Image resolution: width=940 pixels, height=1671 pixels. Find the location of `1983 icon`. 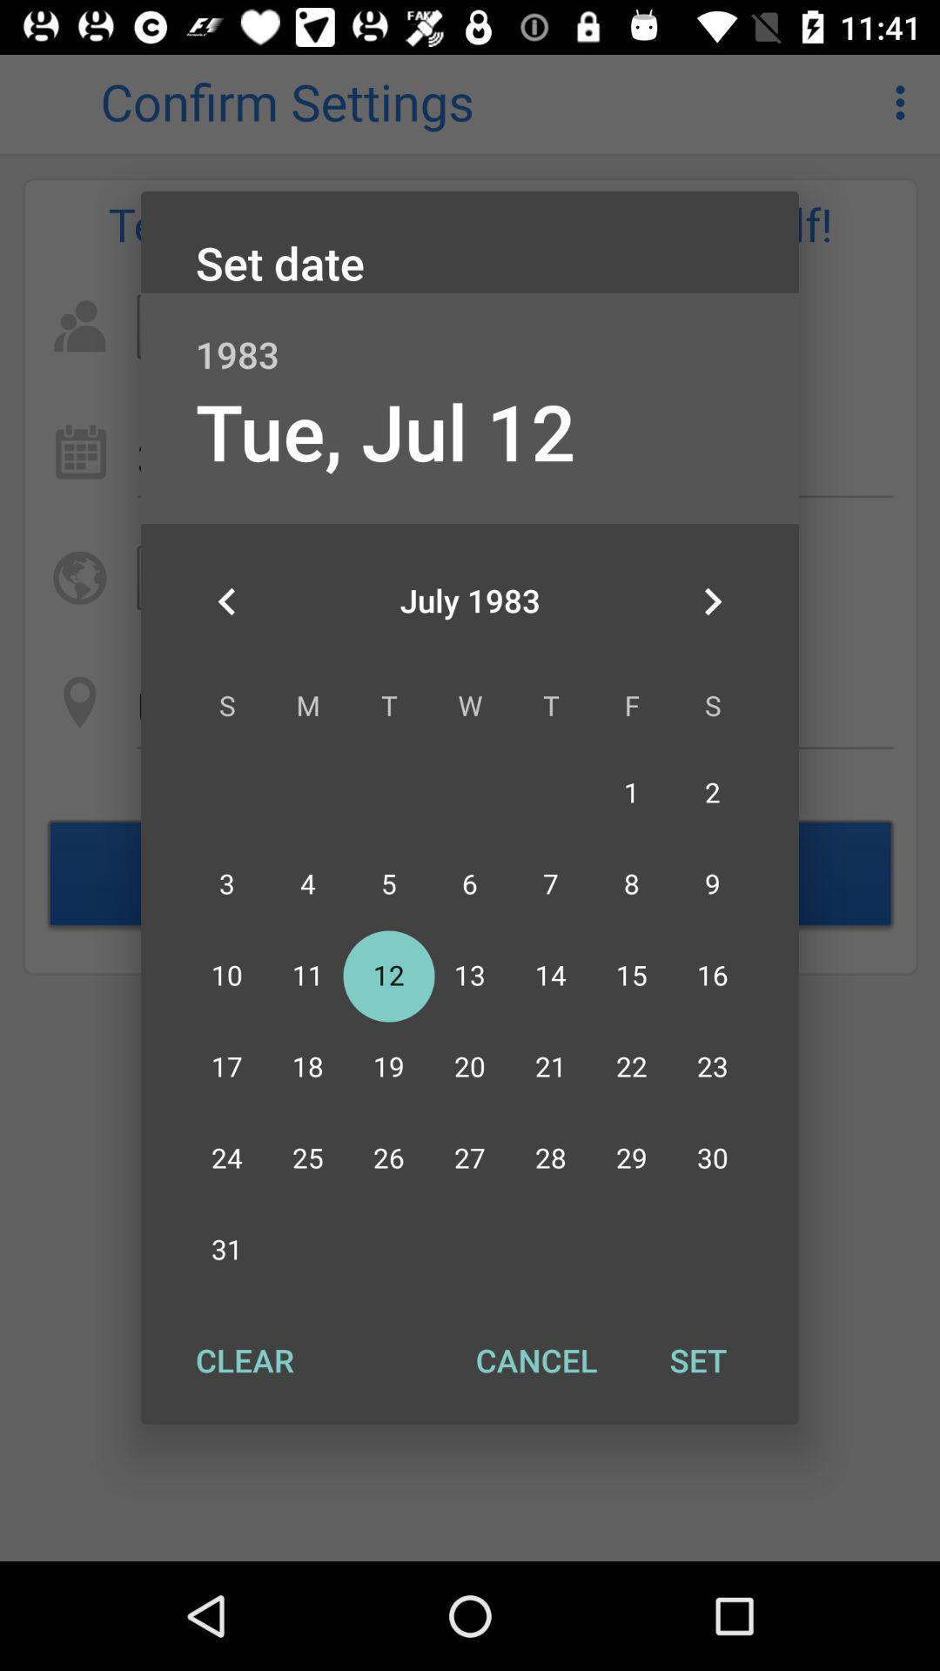

1983 icon is located at coordinates (470, 336).